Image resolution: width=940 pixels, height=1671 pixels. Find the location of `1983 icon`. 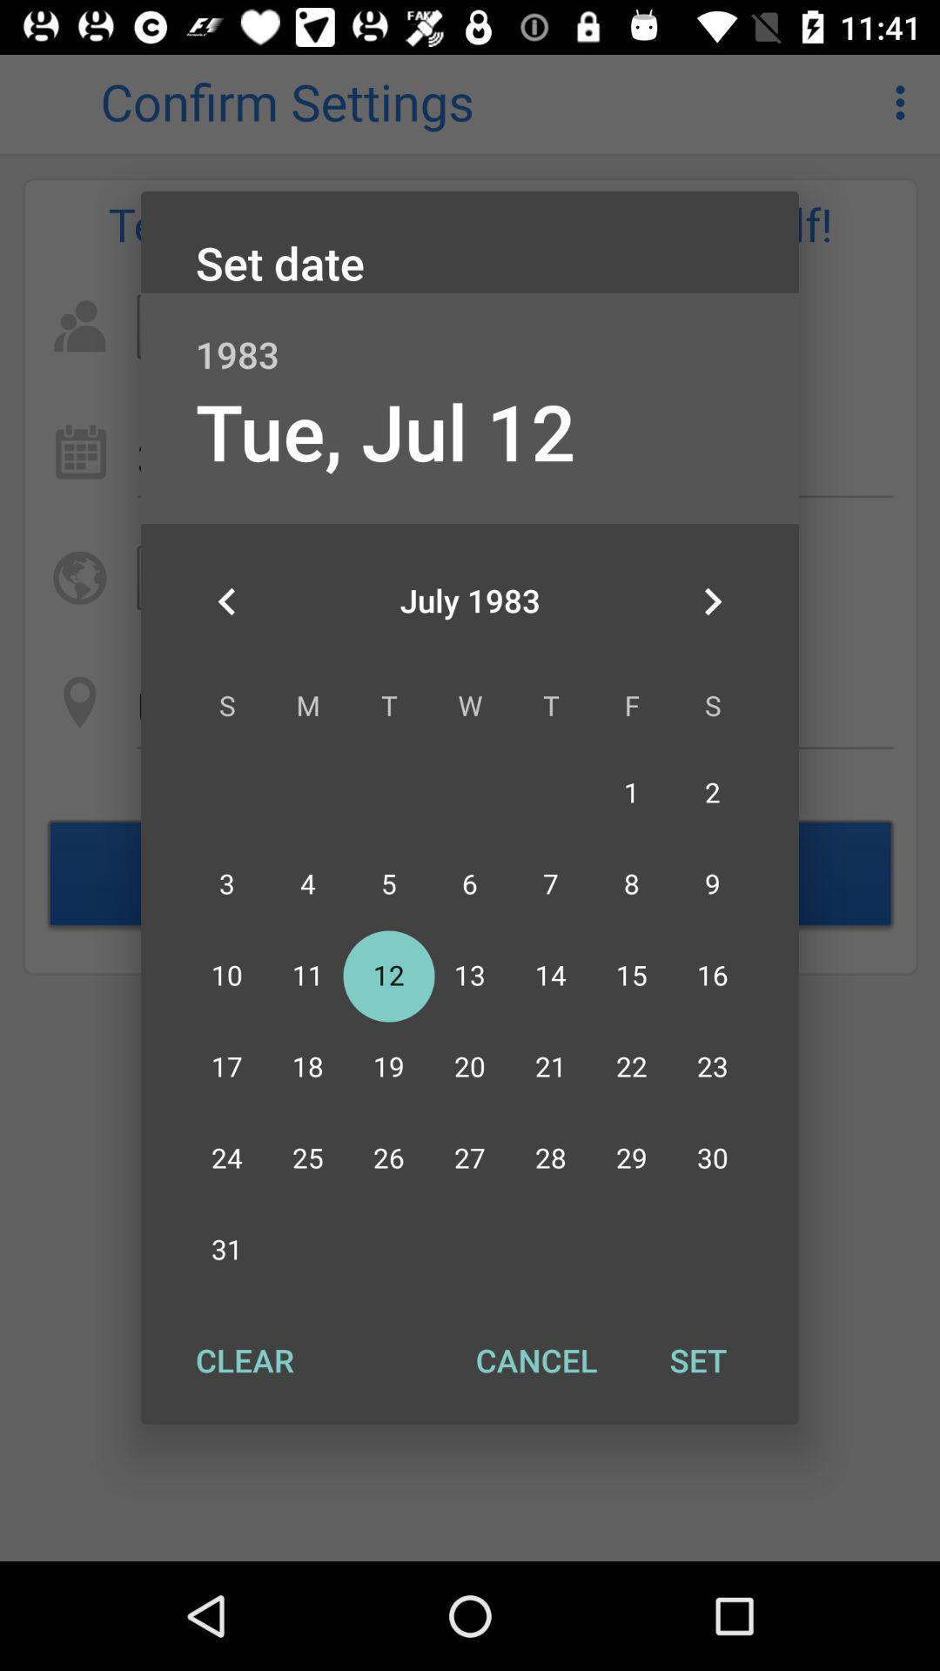

1983 icon is located at coordinates (470, 336).